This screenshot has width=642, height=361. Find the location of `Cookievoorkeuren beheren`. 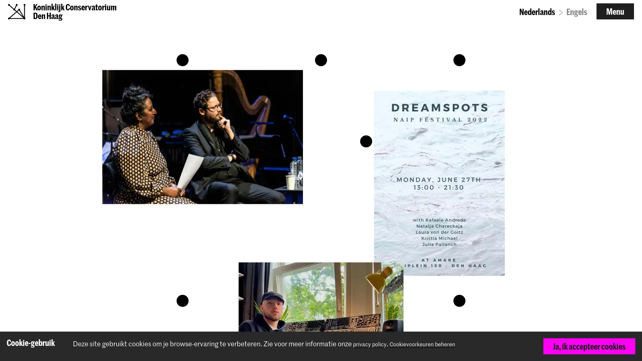

Cookievoorkeuren beheren is located at coordinates (437, 344).